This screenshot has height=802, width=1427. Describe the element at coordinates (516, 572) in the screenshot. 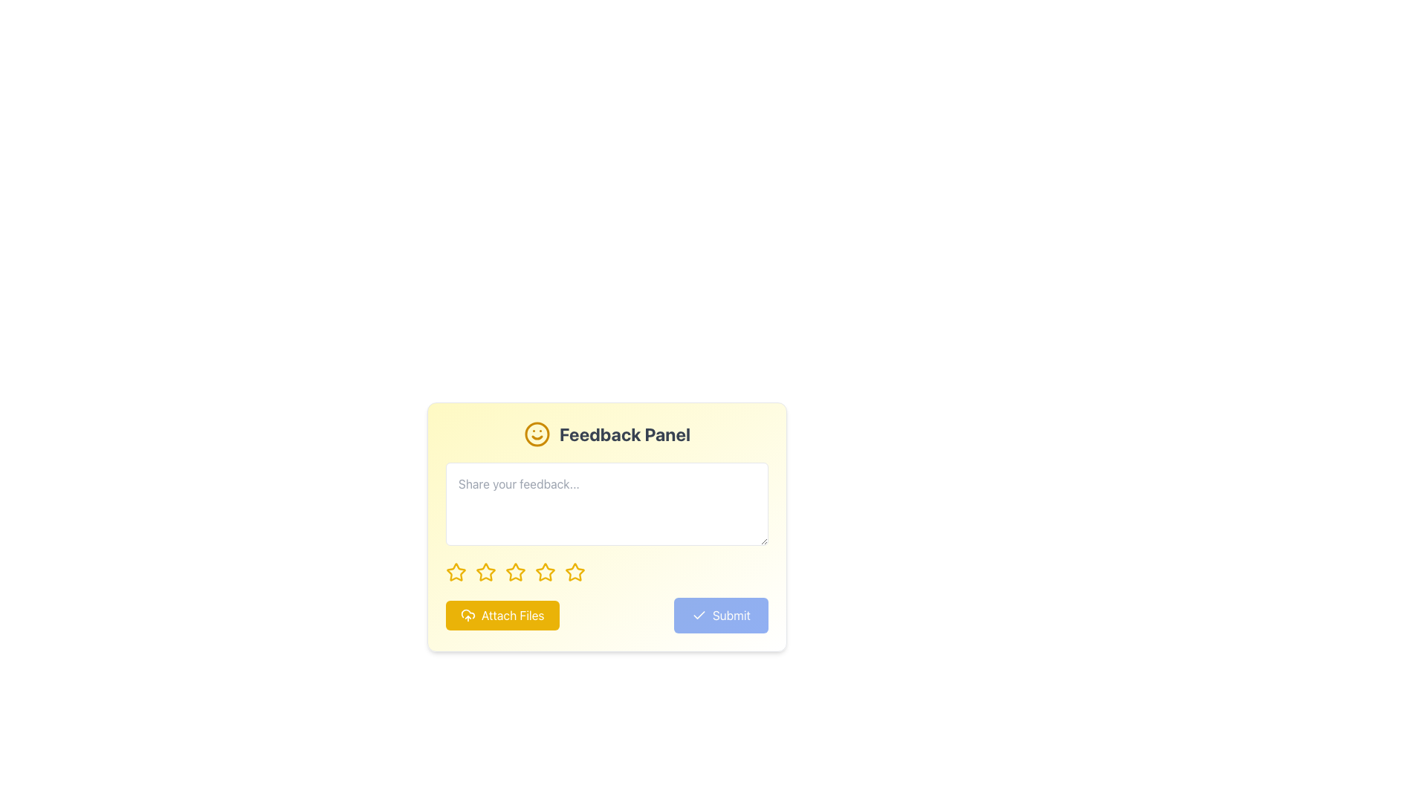

I see `the third star-shaped rating icon, outlined in yellow, located below the feedback text box` at that location.